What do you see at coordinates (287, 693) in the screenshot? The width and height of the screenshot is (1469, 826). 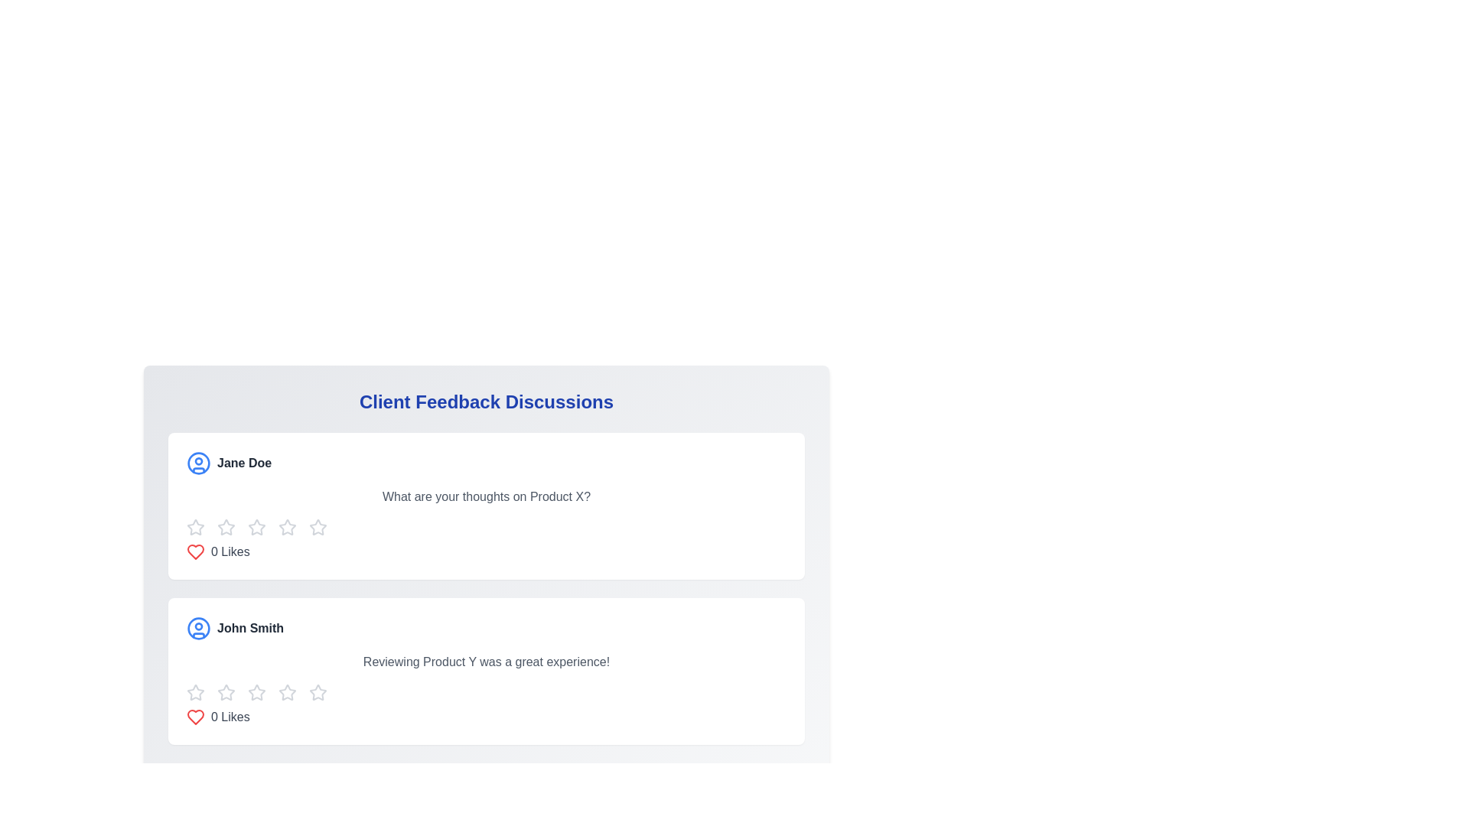 I see `the fifth star icon in the rating system below the review by 'John Smith'` at bounding box center [287, 693].